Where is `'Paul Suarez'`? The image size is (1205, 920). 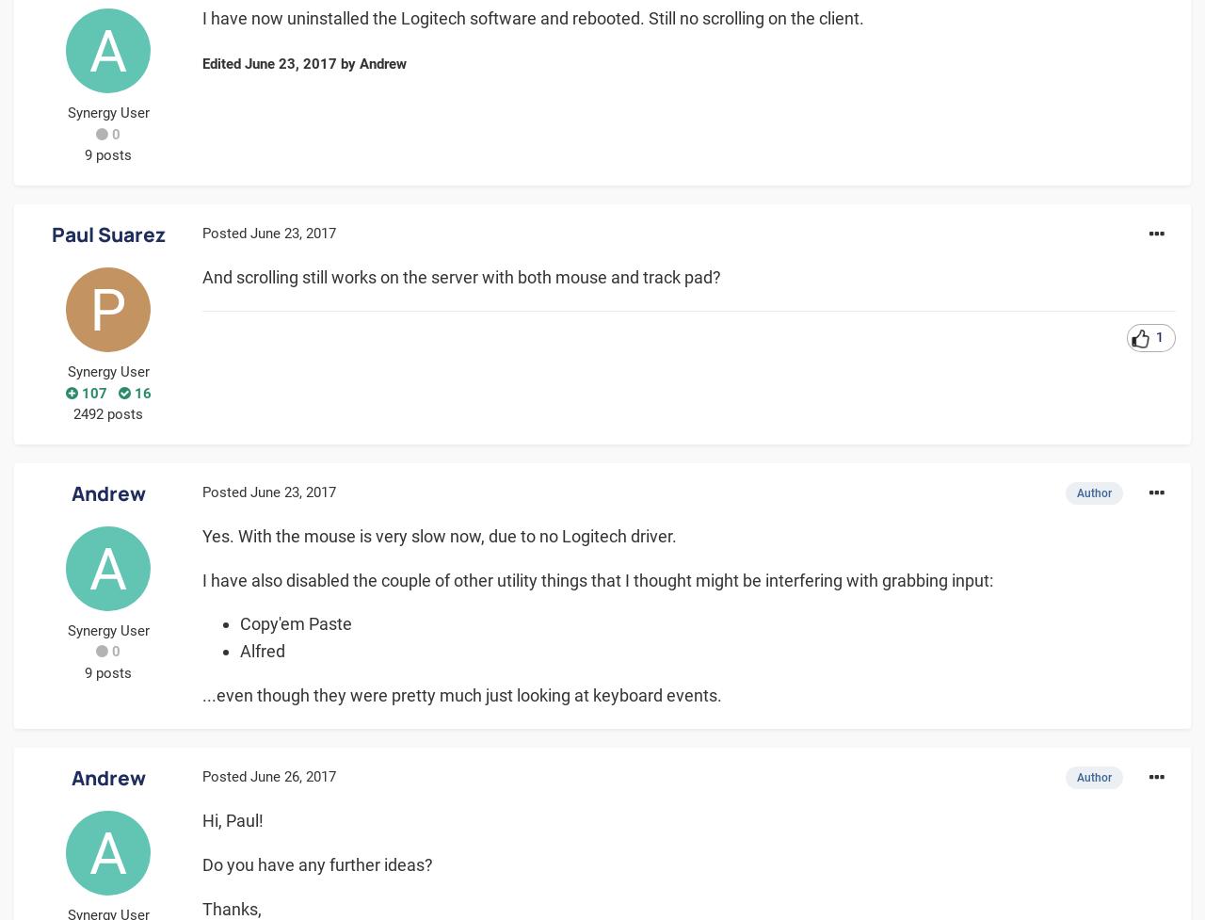 'Paul Suarez' is located at coordinates (106, 232).